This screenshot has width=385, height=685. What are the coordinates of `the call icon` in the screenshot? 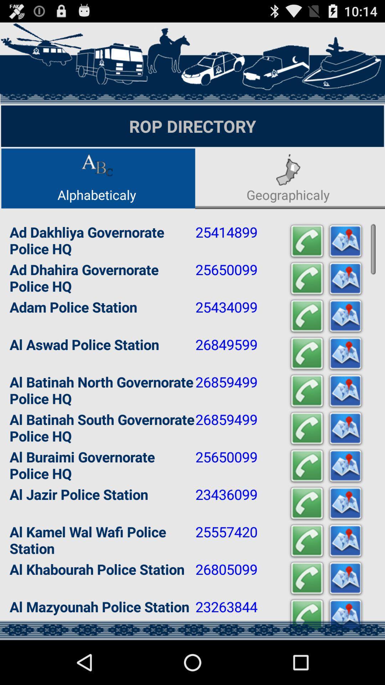 It's located at (306, 338).